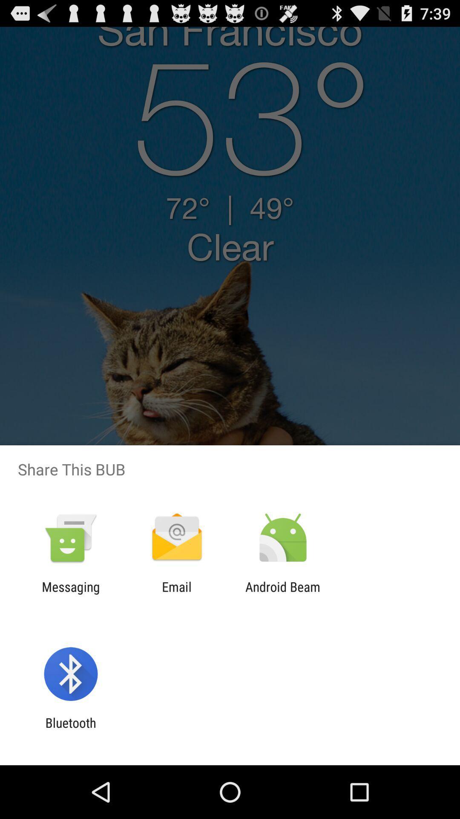 The width and height of the screenshot is (460, 819). I want to click on app to the left of the email item, so click(70, 594).